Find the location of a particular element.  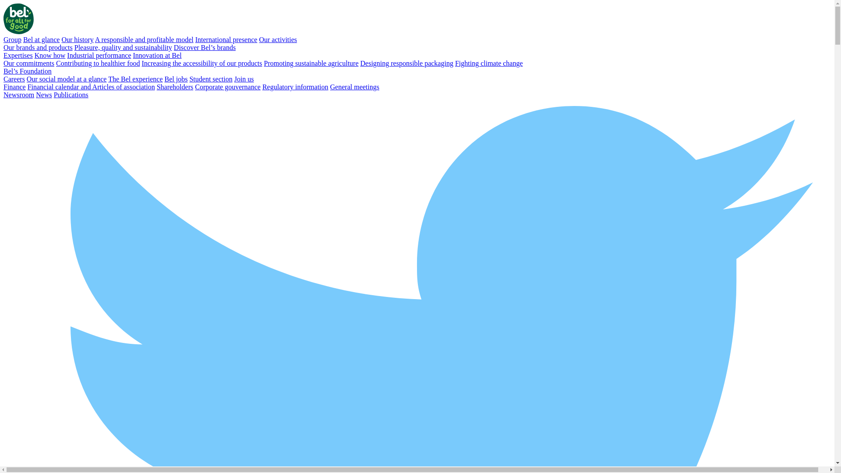

'Industrial performance' is located at coordinates (99, 55).